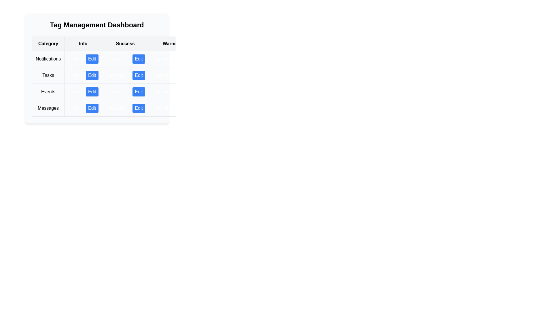 The image size is (553, 311). I want to click on the 'Edit' button, so click(125, 108).